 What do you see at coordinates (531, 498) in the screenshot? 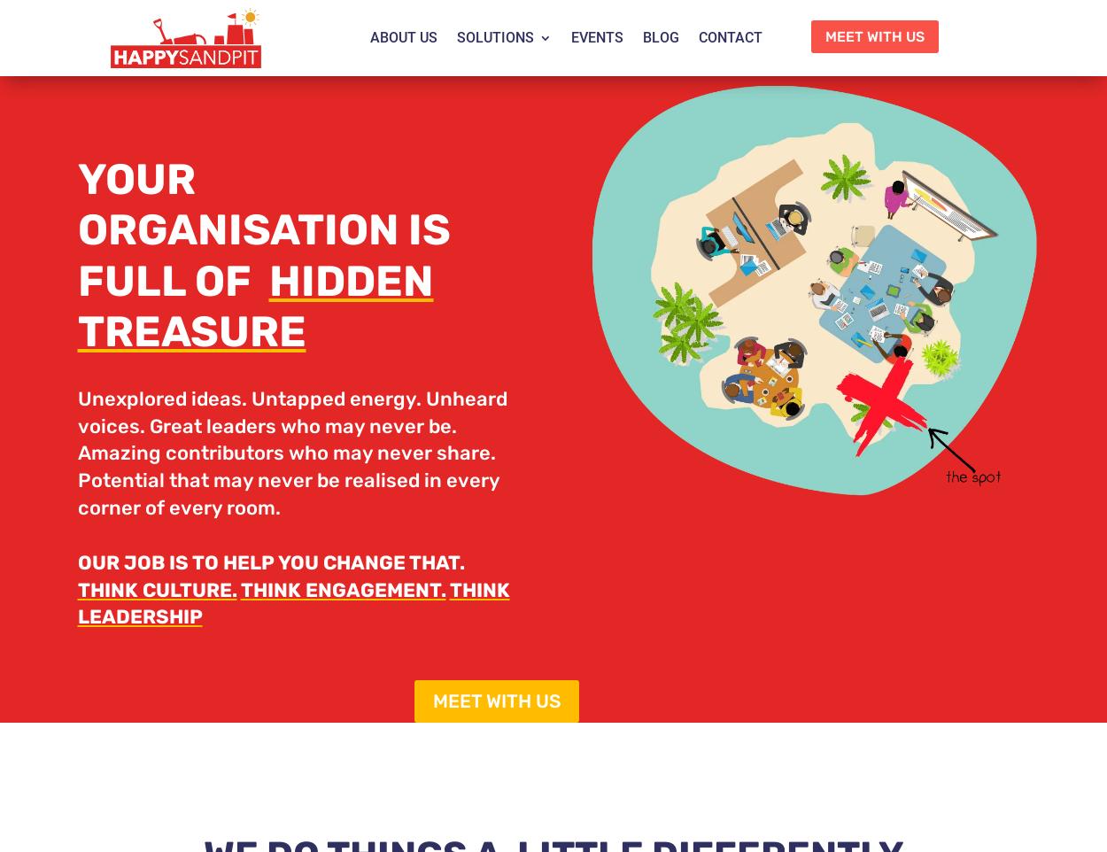
I see `'CHANGE GAME'` at bounding box center [531, 498].